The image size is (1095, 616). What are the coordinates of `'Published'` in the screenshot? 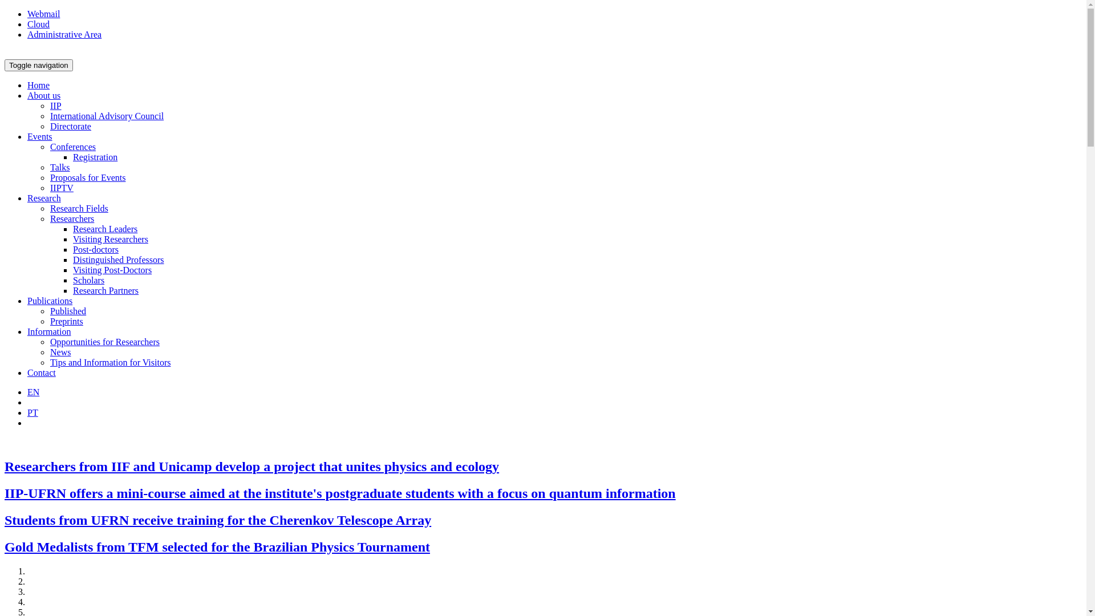 It's located at (49, 311).